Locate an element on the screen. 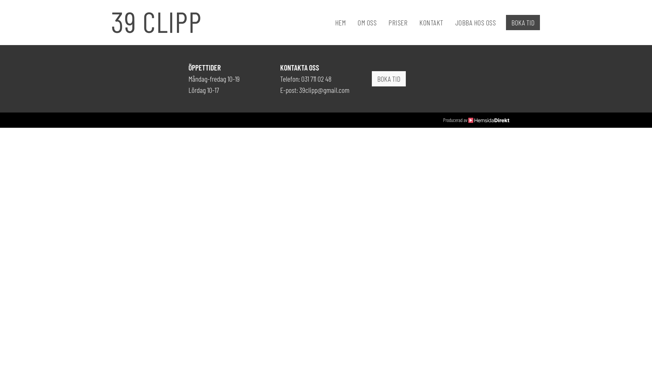 This screenshot has height=366, width=652. 'BOKA TID' is located at coordinates (523, 22).